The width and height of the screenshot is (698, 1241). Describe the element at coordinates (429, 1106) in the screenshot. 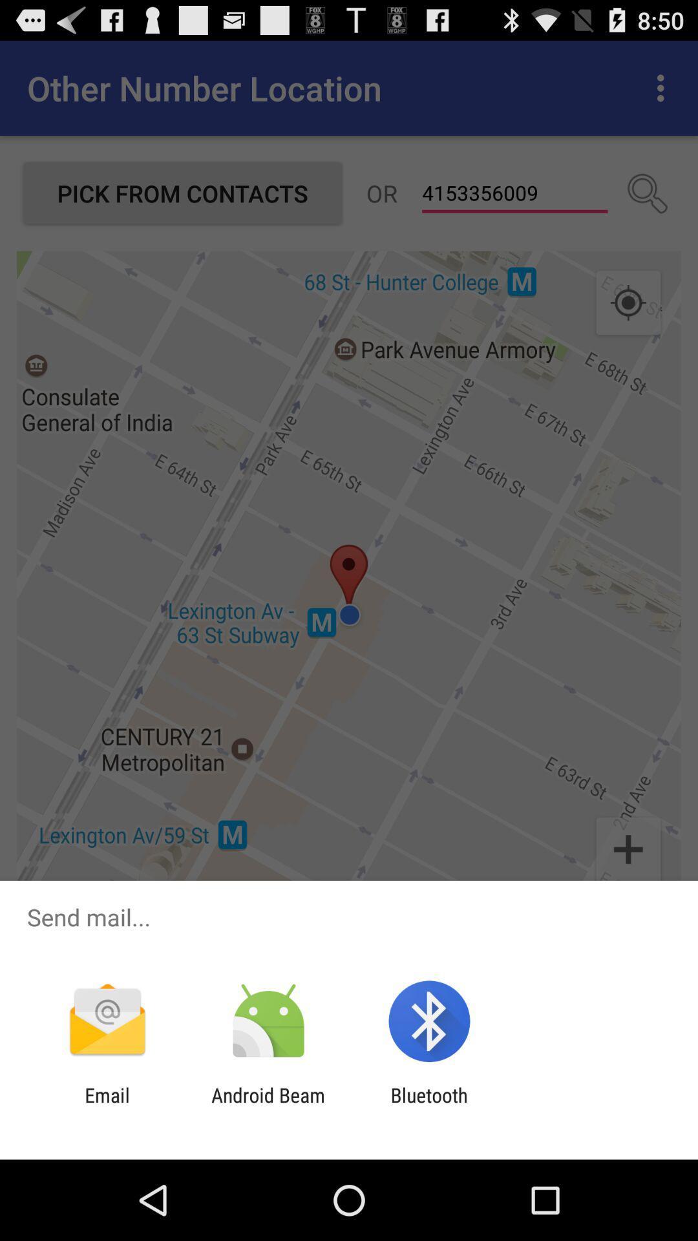

I see `the bluetooth` at that location.